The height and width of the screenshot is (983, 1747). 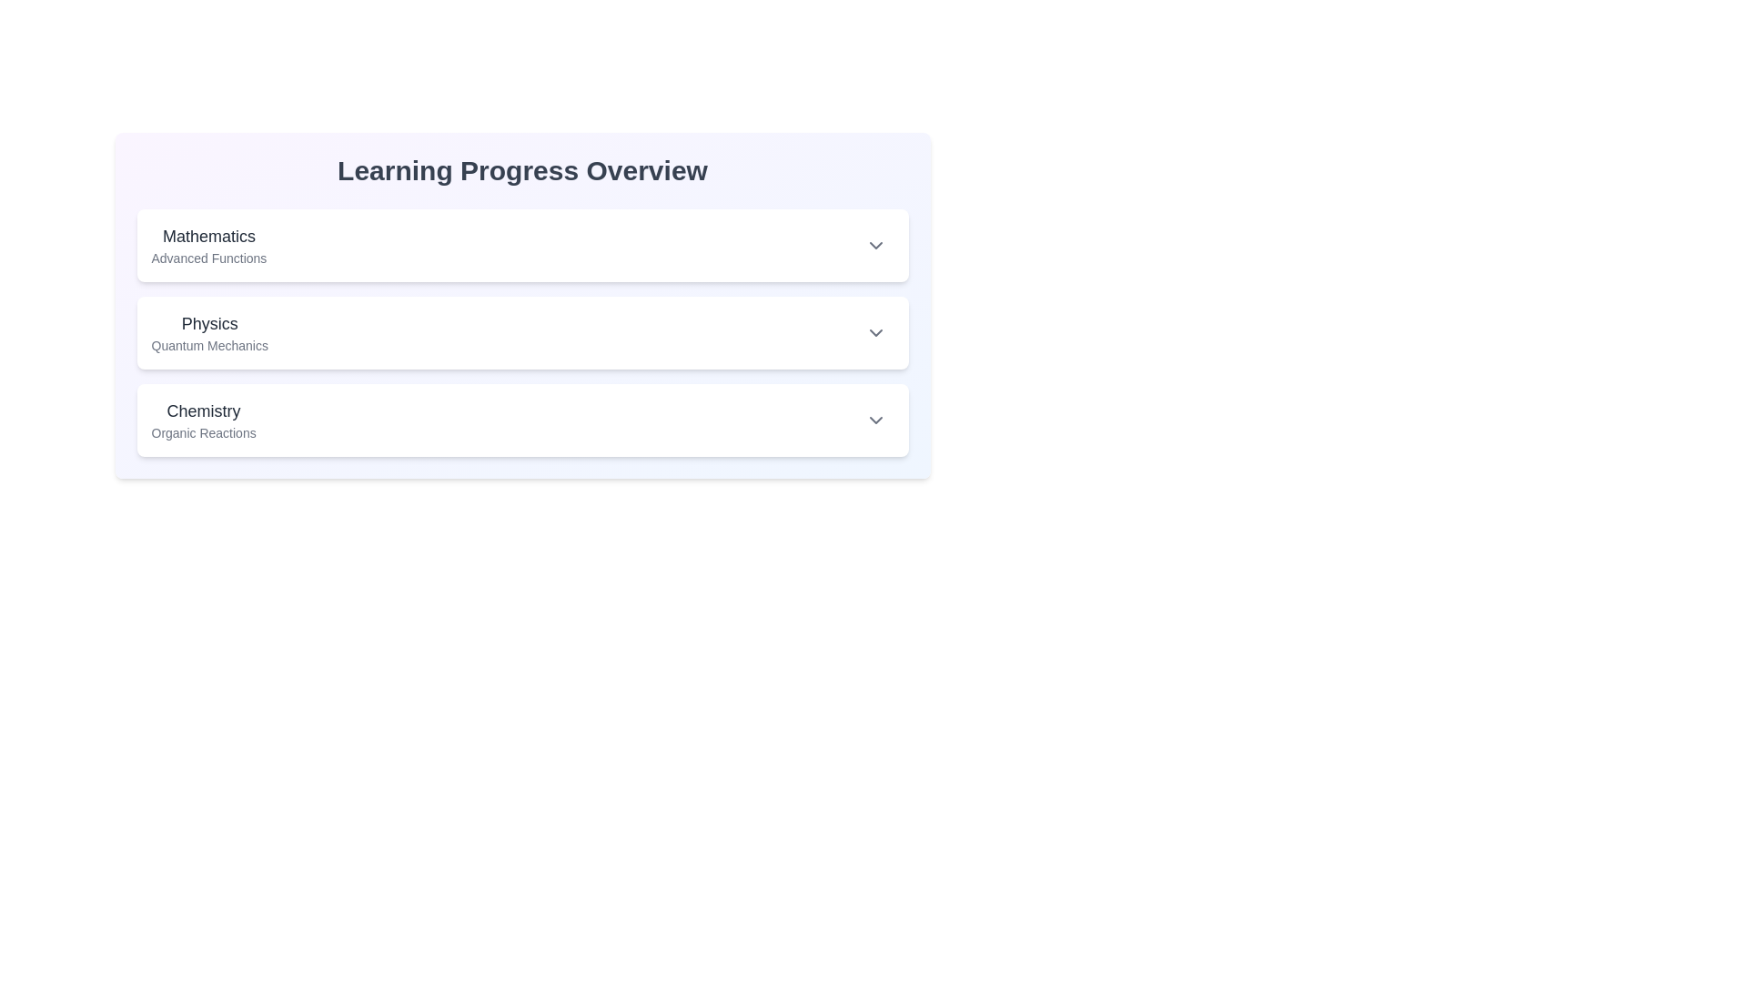 I want to click on the down arrow icon button located at the far right of the 'Physics' section header, so click(x=875, y=333).